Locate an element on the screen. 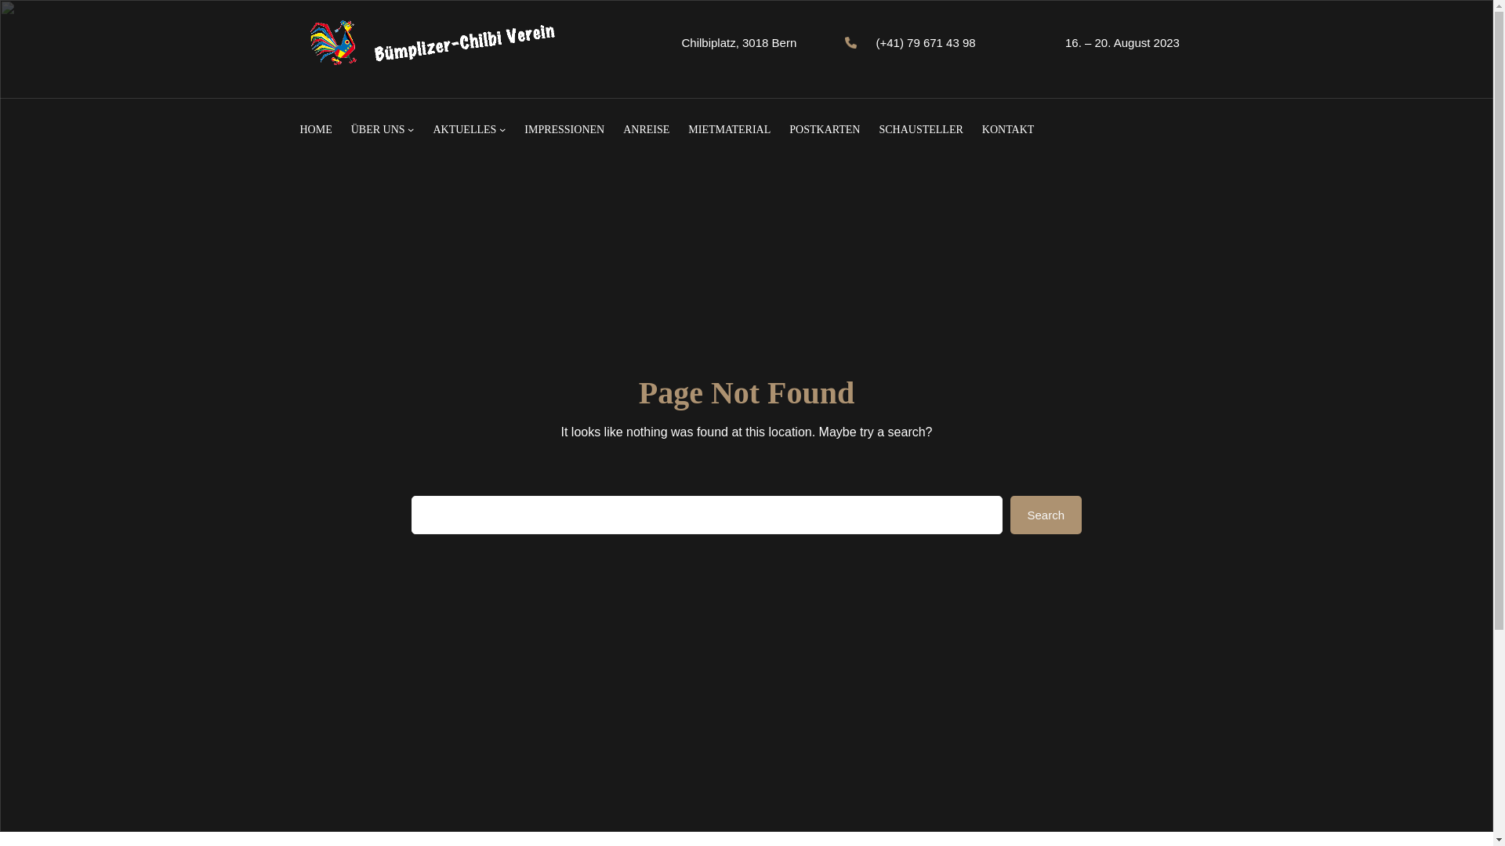 The image size is (1505, 846). 'MIETMATERIAL' is located at coordinates (688, 128).